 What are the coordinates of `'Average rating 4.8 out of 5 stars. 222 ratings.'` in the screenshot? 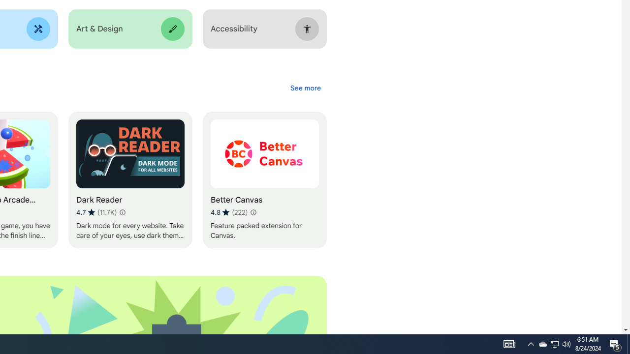 It's located at (228, 212).